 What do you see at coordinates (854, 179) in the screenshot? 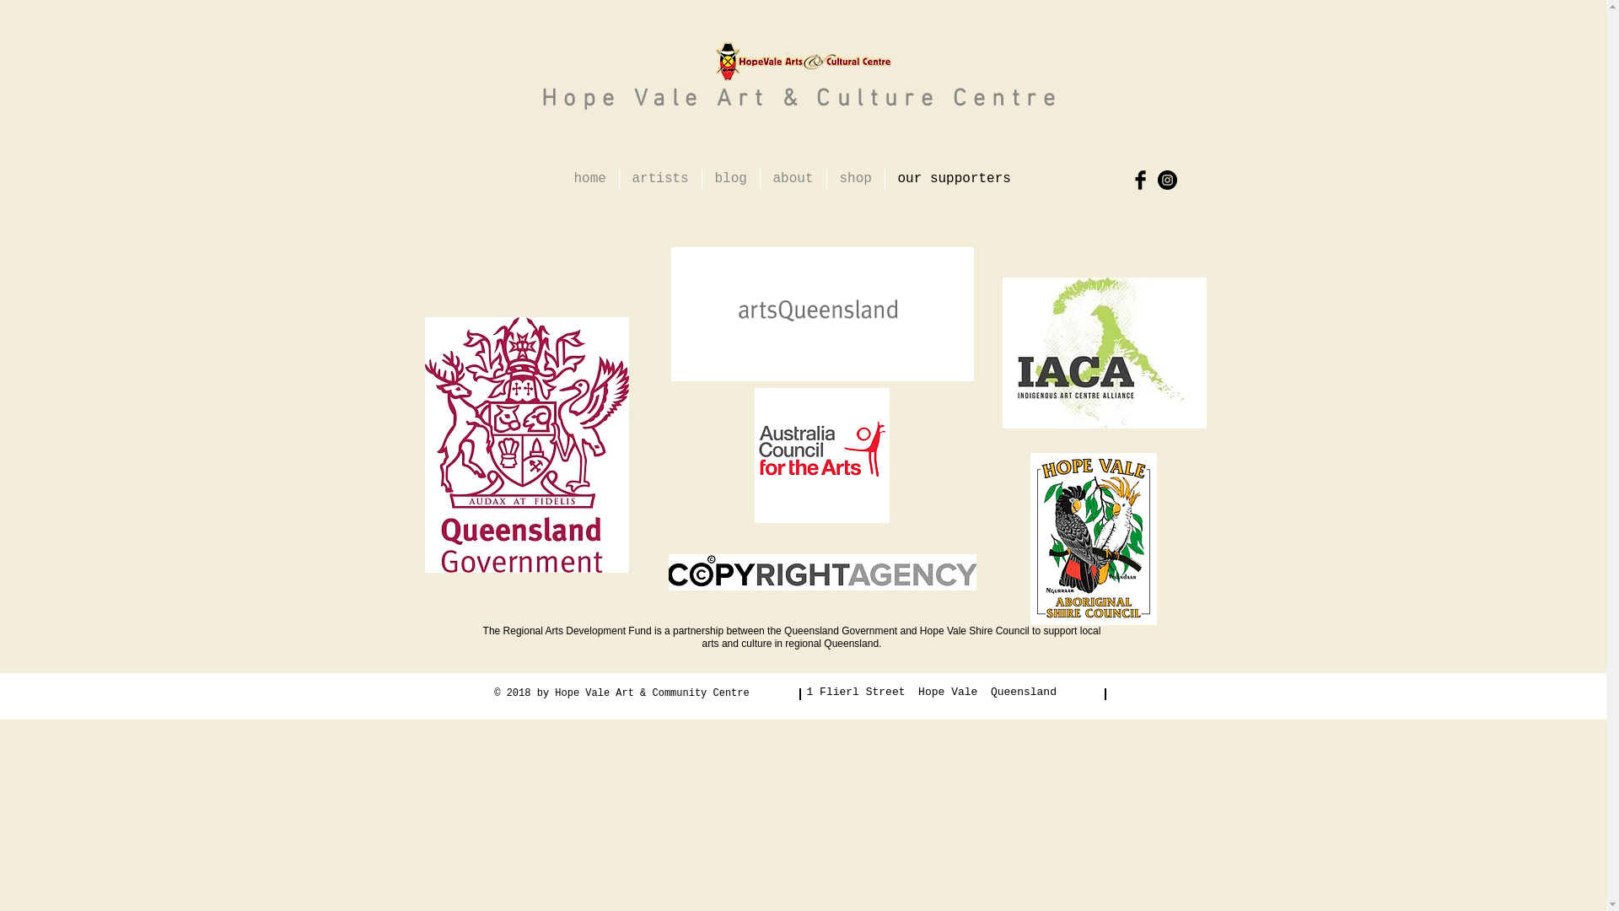
I see `'shop'` at bounding box center [854, 179].